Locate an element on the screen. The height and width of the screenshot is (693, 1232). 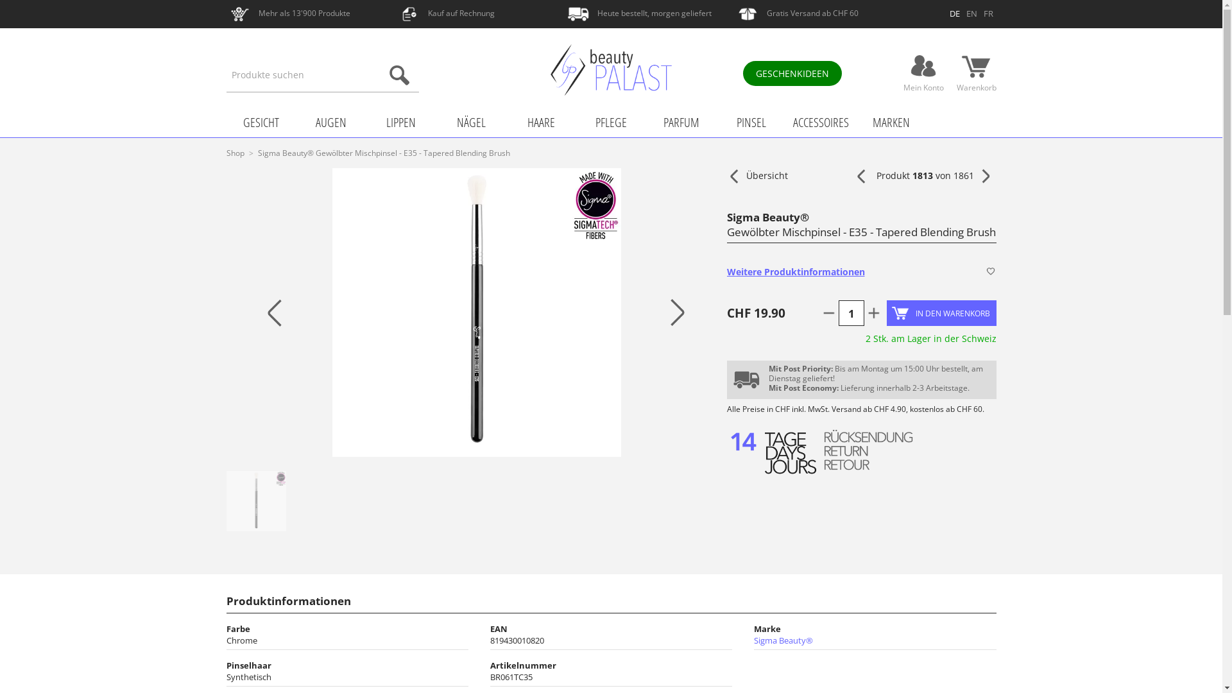
'GESCHENKIDEEN' is located at coordinates (791, 73).